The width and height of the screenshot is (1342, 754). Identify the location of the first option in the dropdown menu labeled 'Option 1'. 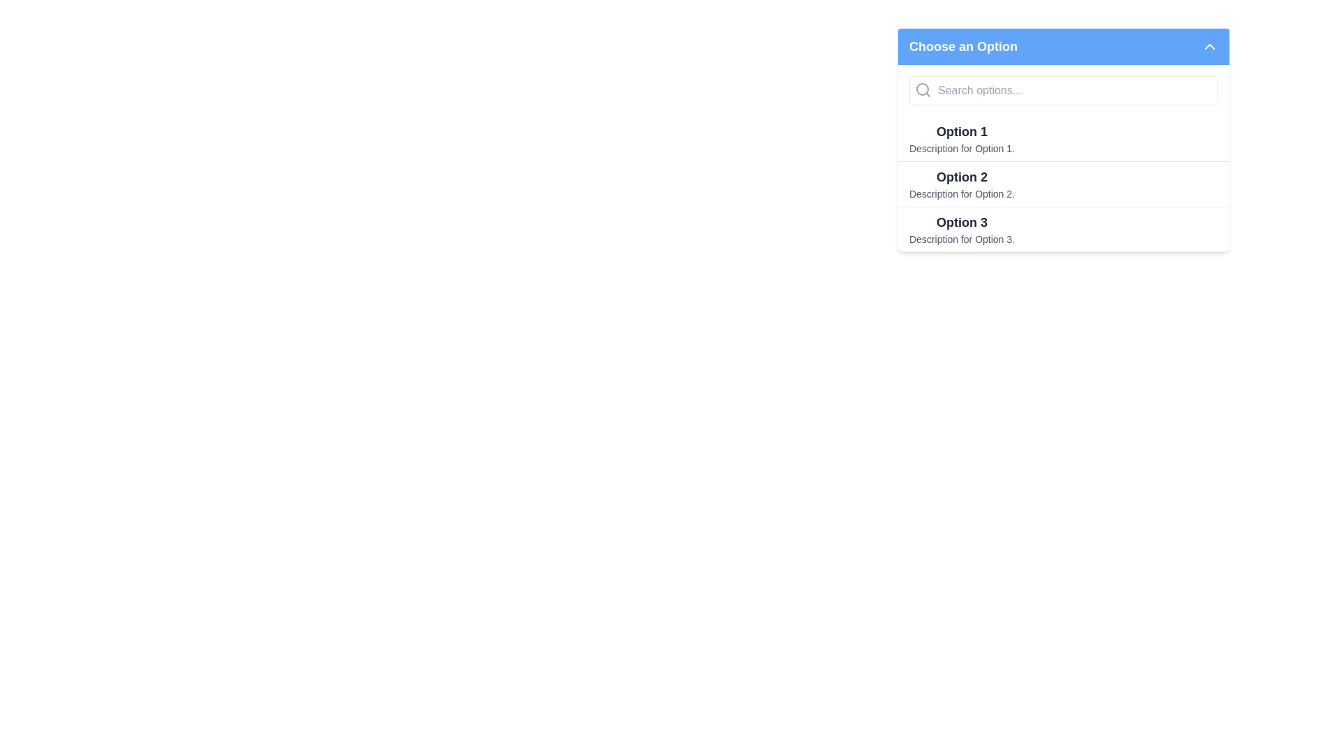
(961, 139).